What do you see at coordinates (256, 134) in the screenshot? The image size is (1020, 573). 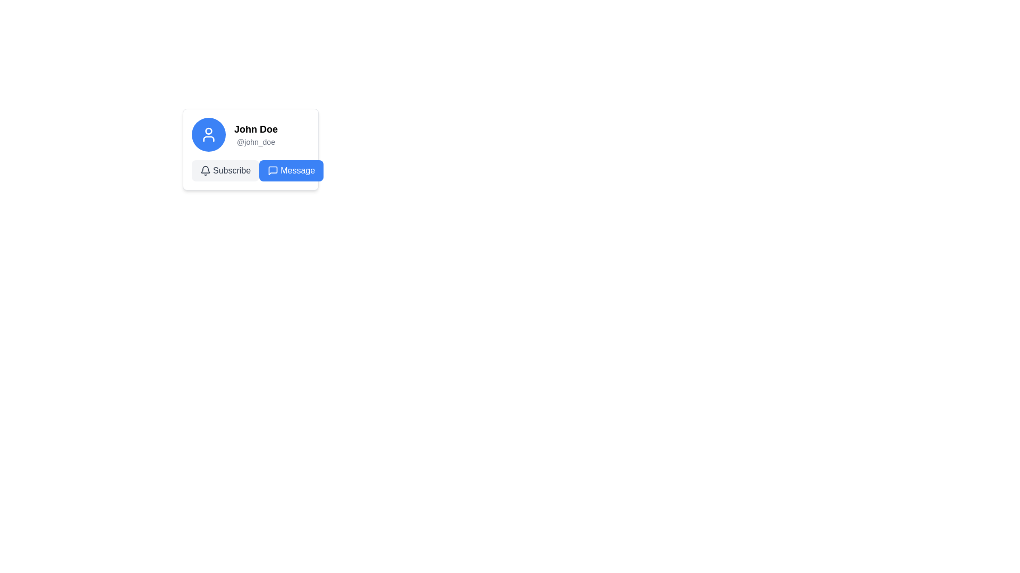 I see `text content of the Text Display showing 'John Doe' and '@john_doe', which is located to the right of the user avatar icon in the user profile card` at bounding box center [256, 134].